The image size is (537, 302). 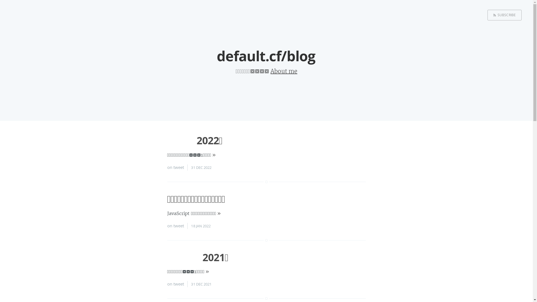 What do you see at coordinates (284, 71) in the screenshot?
I see `'About me'` at bounding box center [284, 71].